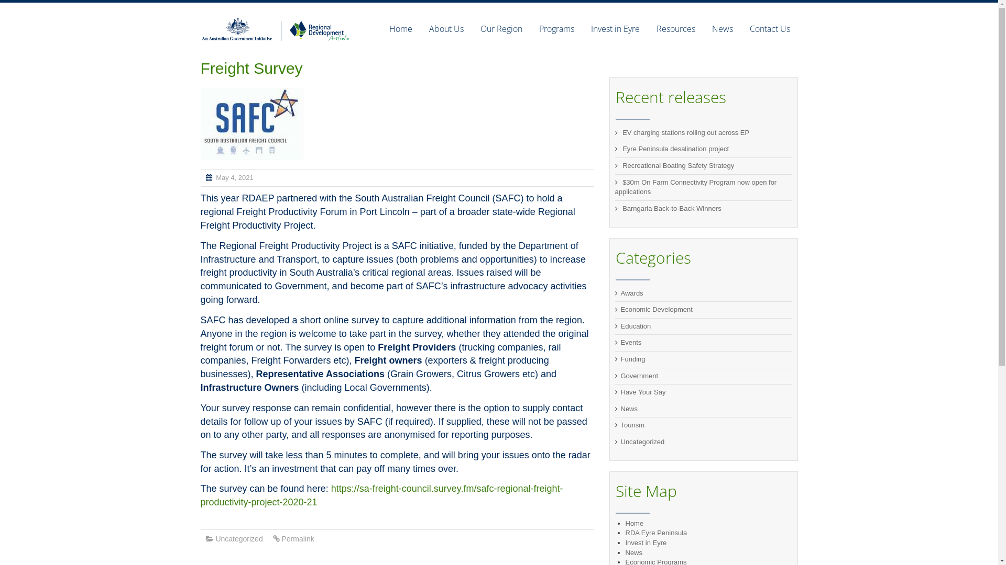 Image resolution: width=1006 pixels, height=565 pixels. What do you see at coordinates (620, 325) in the screenshot?
I see `'Education'` at bounding box center [620, 325].